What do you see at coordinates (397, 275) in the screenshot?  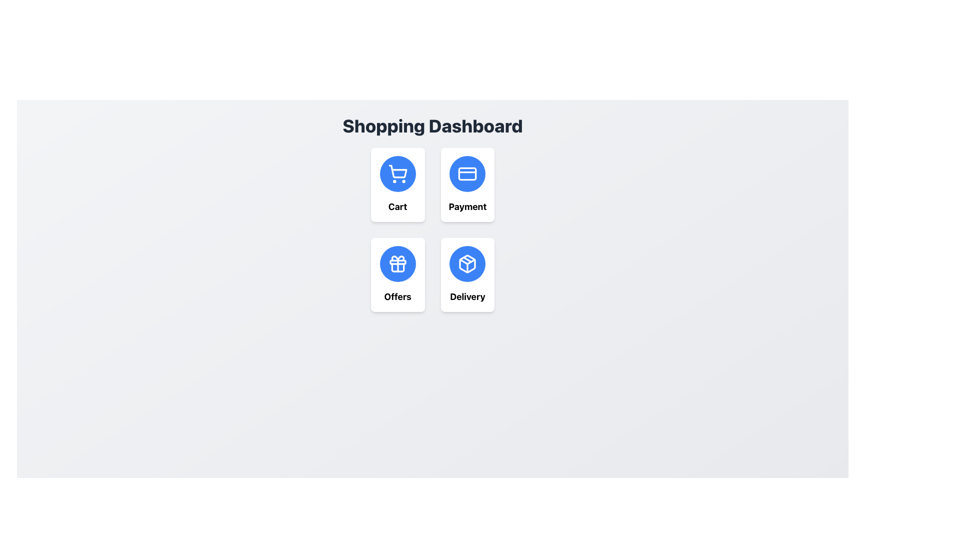 I see `the 'Offers' Card element located in the lower-left quadrant of the grid layout, below the 'Cart' element and to the left of the 'Delivery' element` at bounding box center [397, 275].